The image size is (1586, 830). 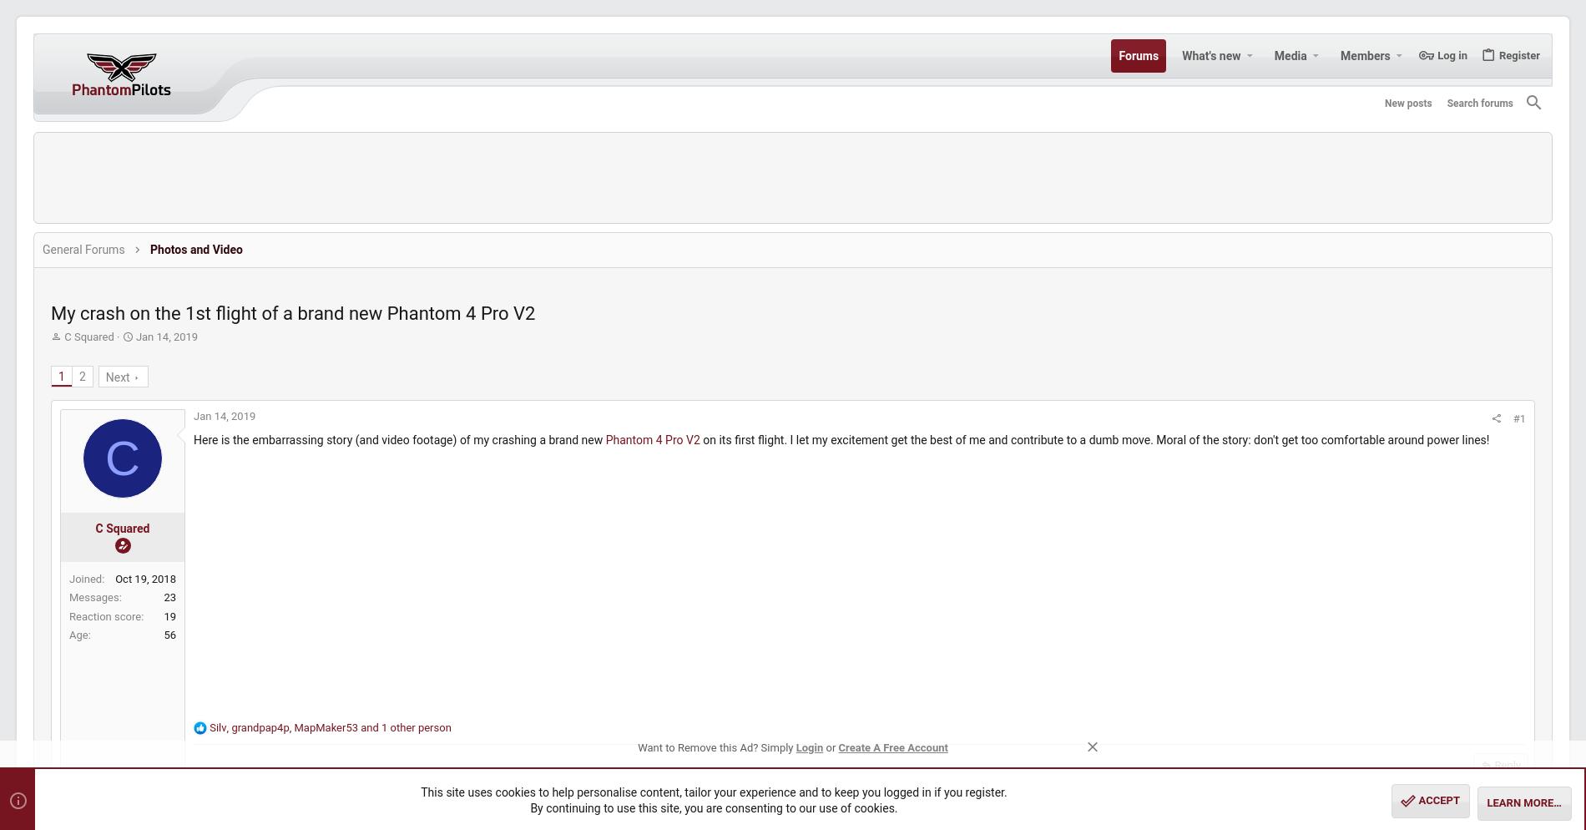 What do you see at coordinates (1217, 781) in the screenshot?
I see `'Reply'` at bounding box center [1217, 781].